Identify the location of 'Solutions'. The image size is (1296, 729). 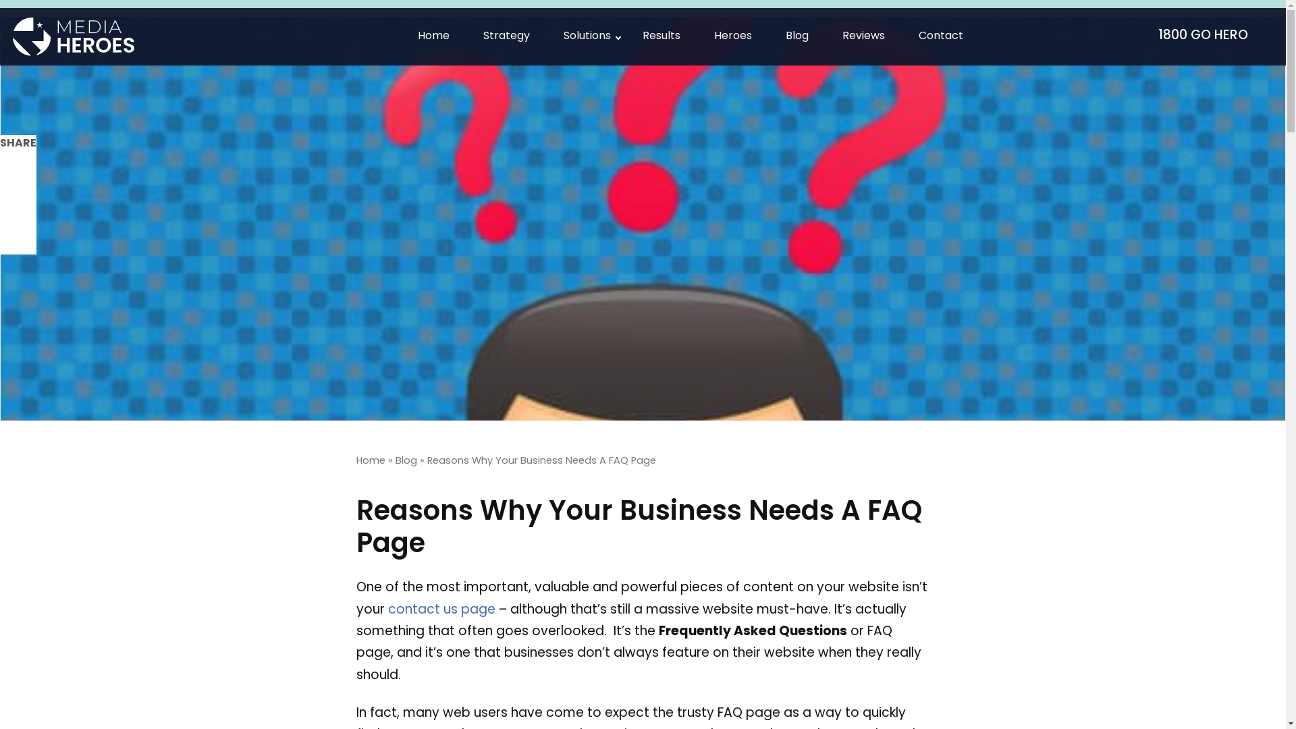
(586, 36).